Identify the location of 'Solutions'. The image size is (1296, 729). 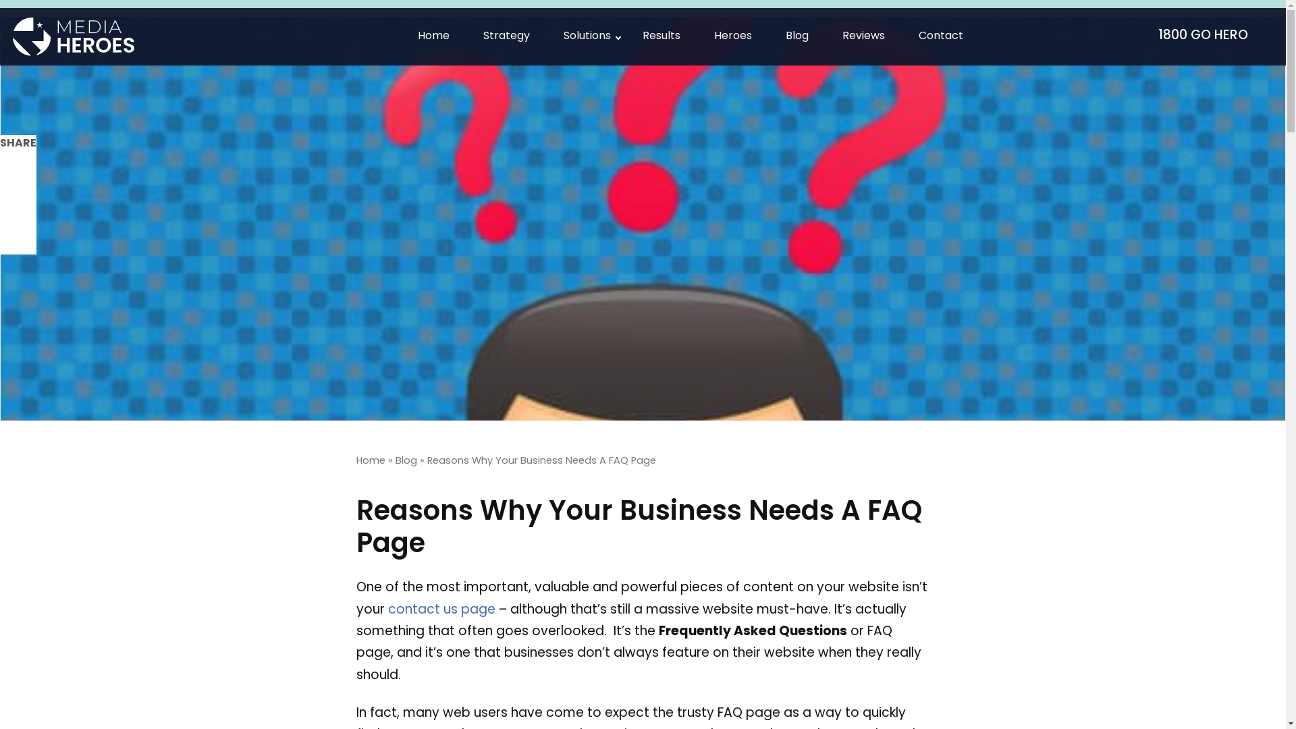
(586, 36).